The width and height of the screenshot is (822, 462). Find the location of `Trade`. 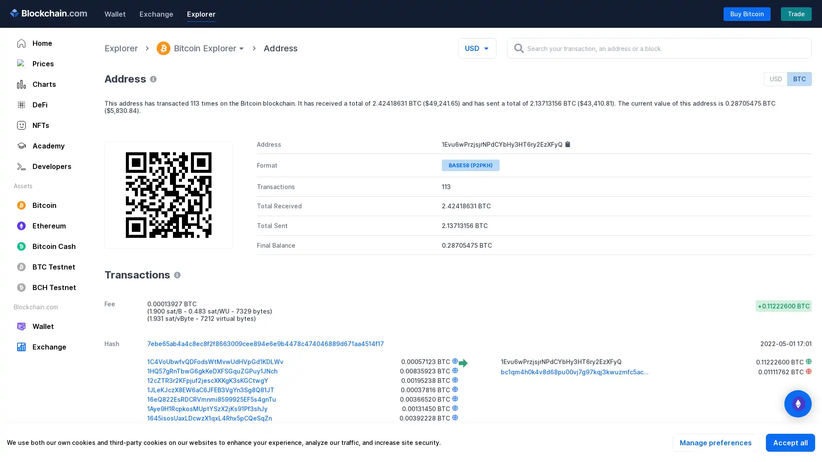

Trade is located at coordinates (796, 13).